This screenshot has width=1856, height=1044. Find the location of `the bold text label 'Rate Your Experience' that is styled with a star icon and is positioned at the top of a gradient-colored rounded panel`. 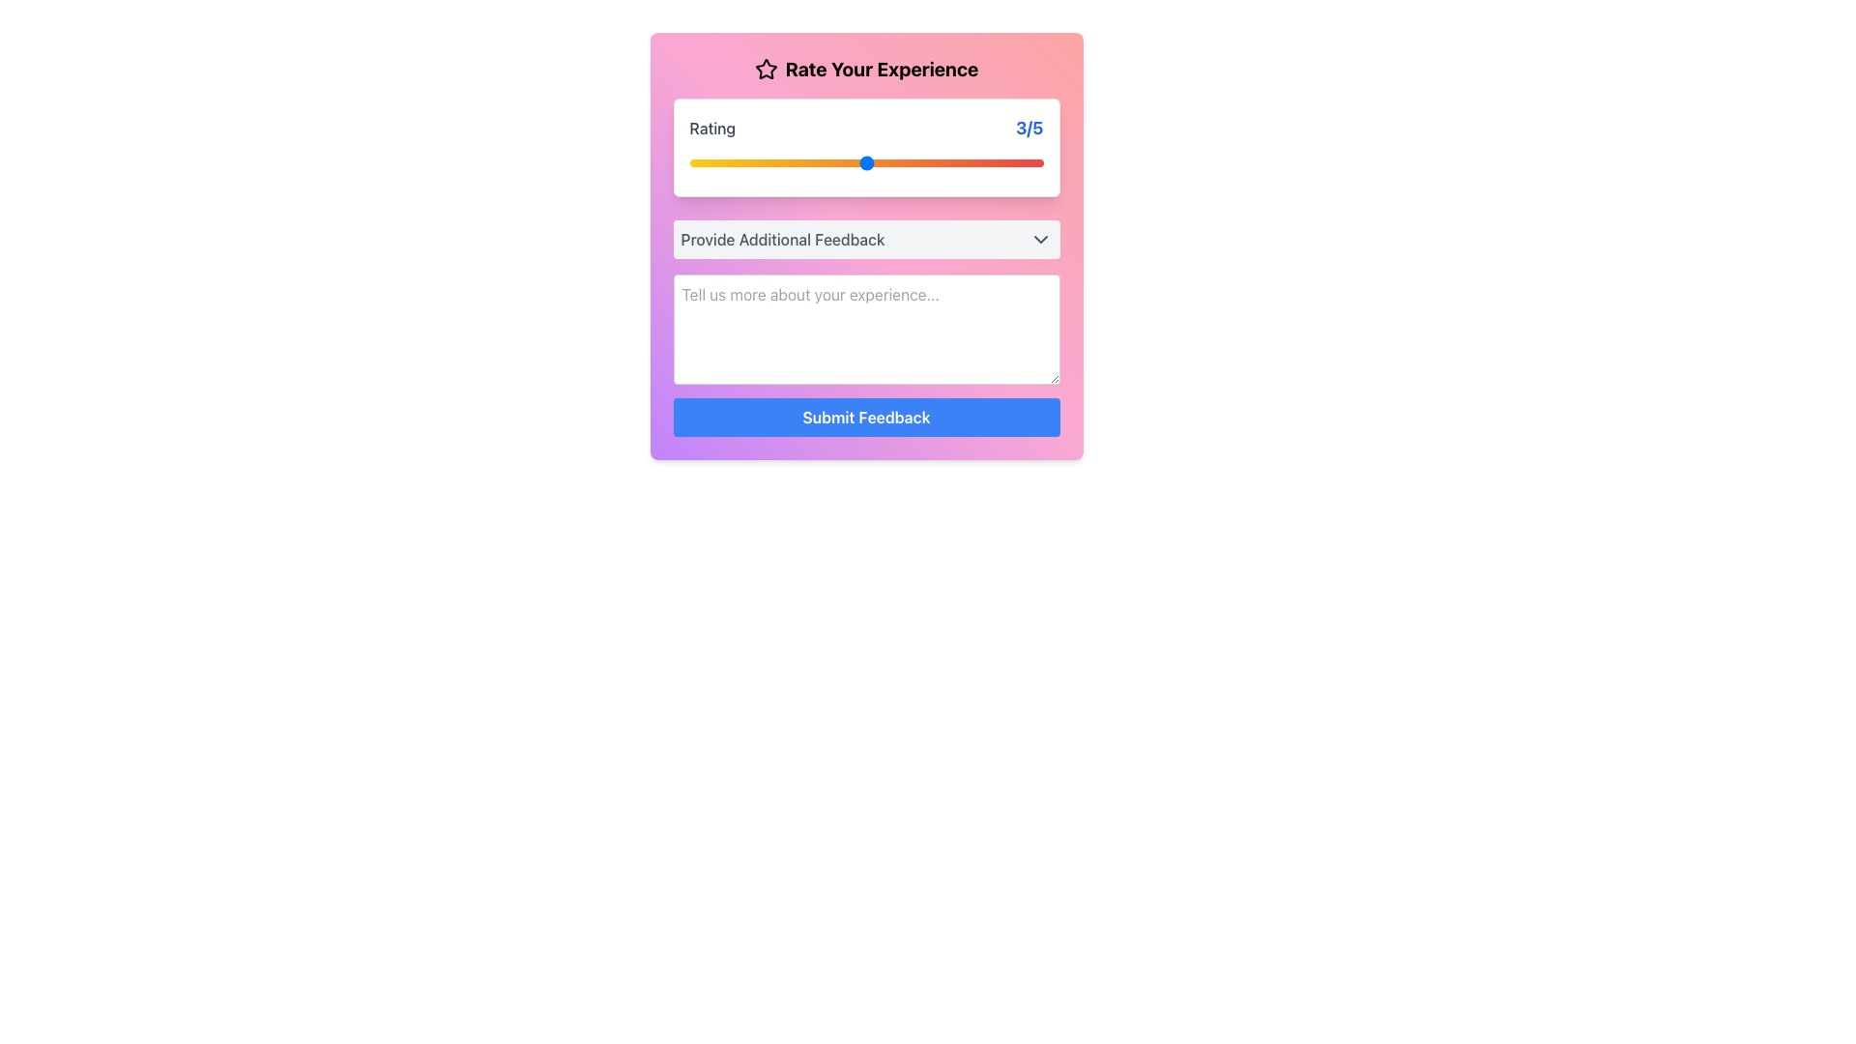

the bold text label 'Rate Your Experience' that is styled with a star icon and is positioned at the top of a gradient-colored rounded panel is located at coordinates (865, 76).